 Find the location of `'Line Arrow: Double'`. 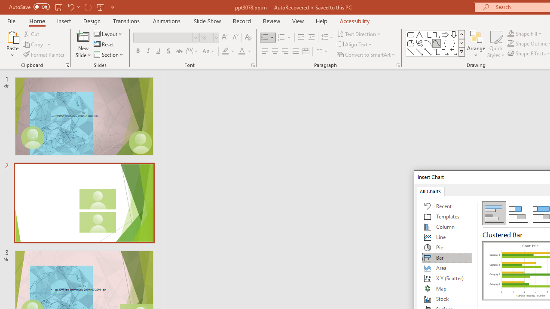

'Line Arrow: Double' is located at coordinates (428, 51).